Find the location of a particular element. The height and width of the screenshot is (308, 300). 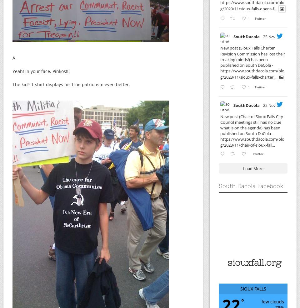

'The kid’s t-shirt displays his true patriotism even better:' is located at coordinates (12, 84).